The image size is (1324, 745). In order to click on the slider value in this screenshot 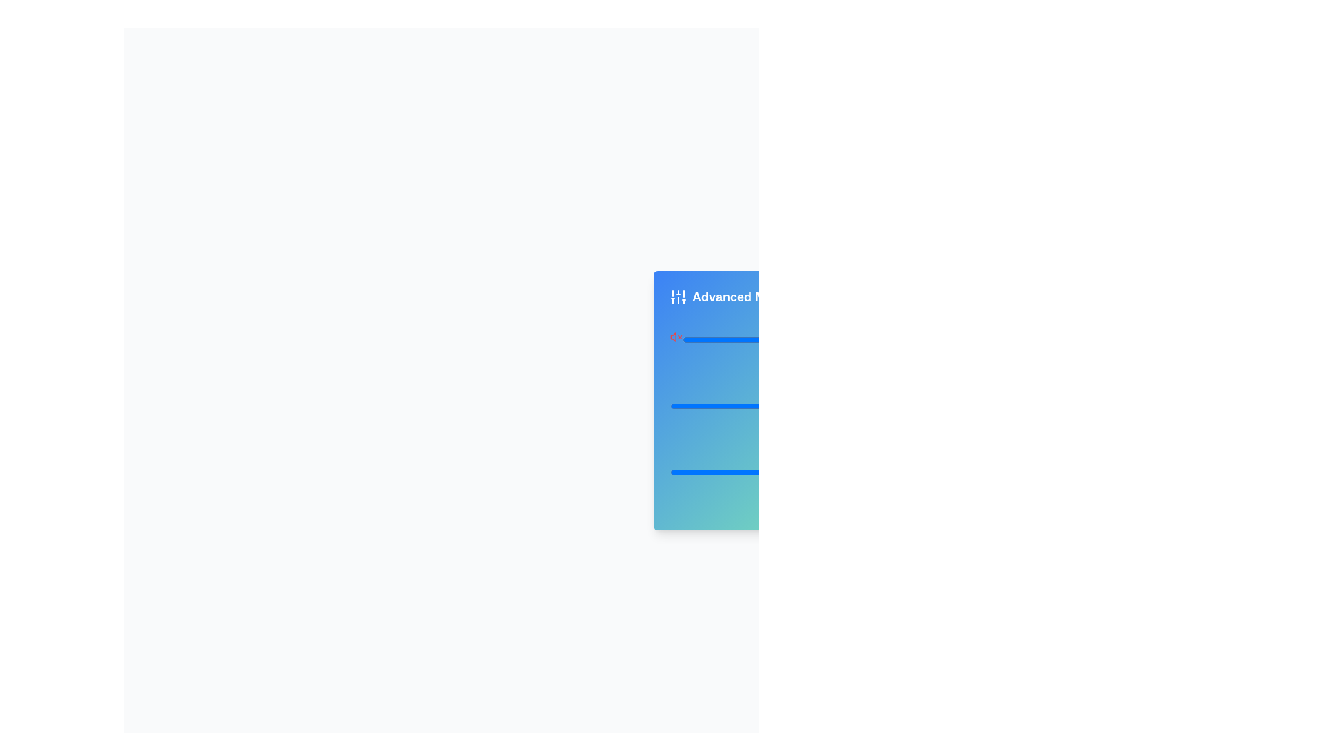, I will do `click(728, 335)`.